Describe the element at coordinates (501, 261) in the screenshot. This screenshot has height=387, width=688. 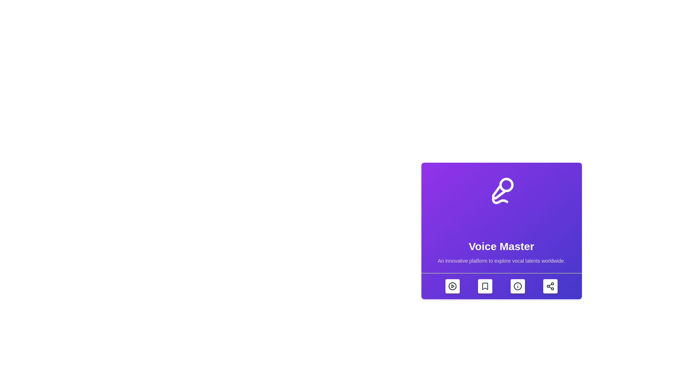
I see `text label that describes the platform, which states 'An innovative platform to explore vocal talents worldwide.' This text is located at the center bottom of a purple card interface, directly below the heading 'Voice Master'` at that location.